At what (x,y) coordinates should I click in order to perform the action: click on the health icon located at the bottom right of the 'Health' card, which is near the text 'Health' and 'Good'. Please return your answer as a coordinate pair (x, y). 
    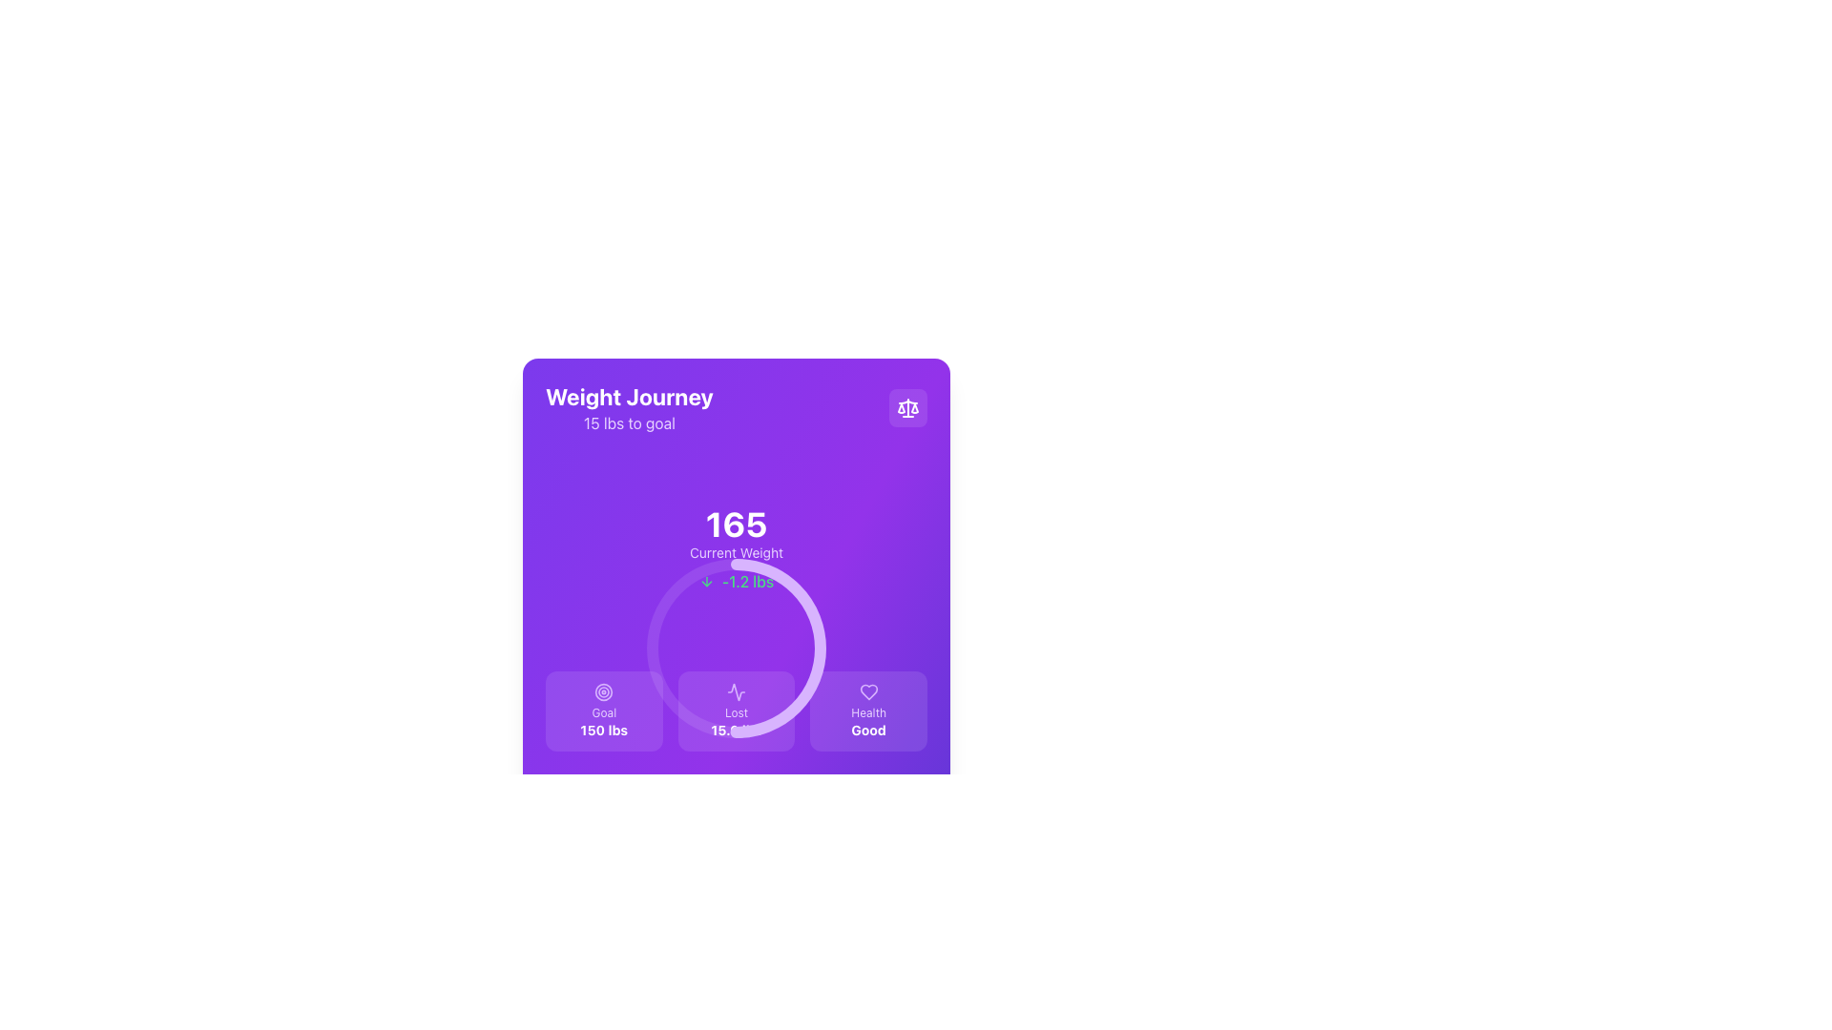
    Looking at the image, I should click on (867, 691).